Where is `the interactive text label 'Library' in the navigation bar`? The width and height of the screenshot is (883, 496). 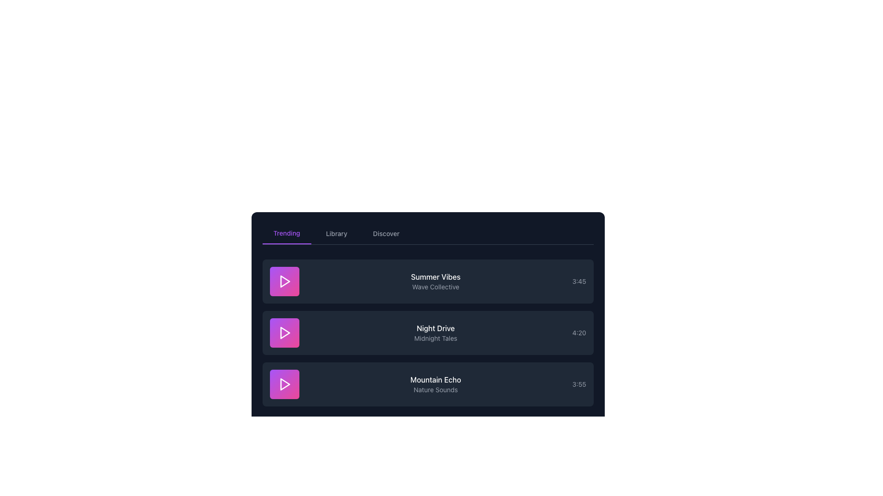
the interactive text label 'Library' in the navigation bar is located at coordinates (336, 233).